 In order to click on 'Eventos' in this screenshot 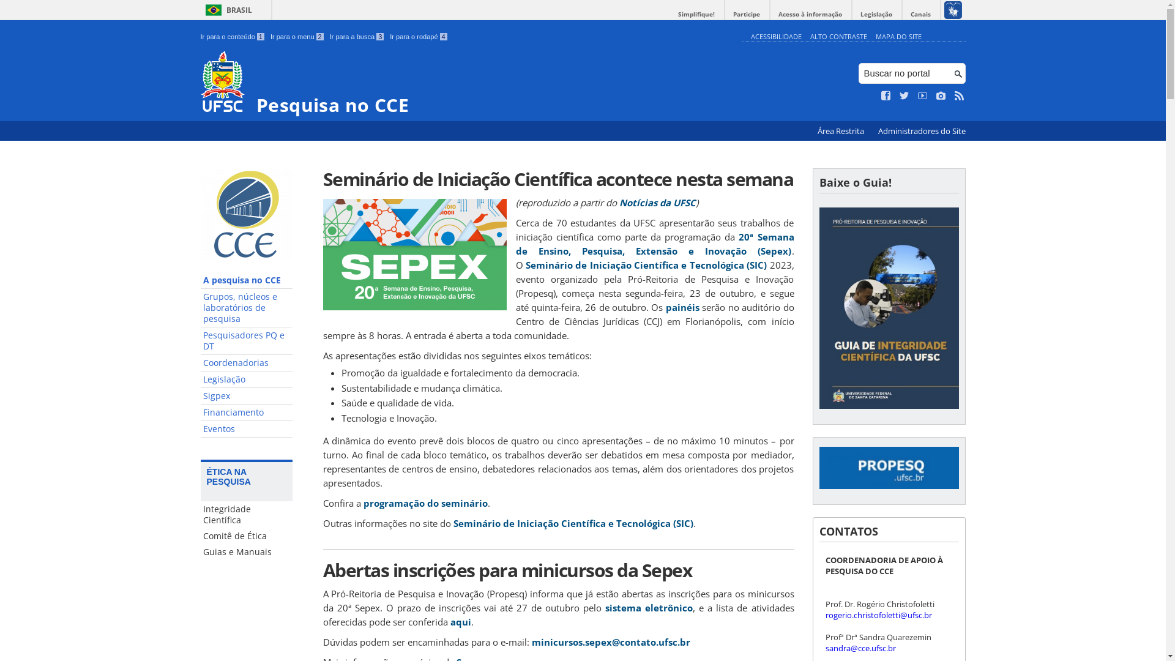, I will do `click(246, 428)`.